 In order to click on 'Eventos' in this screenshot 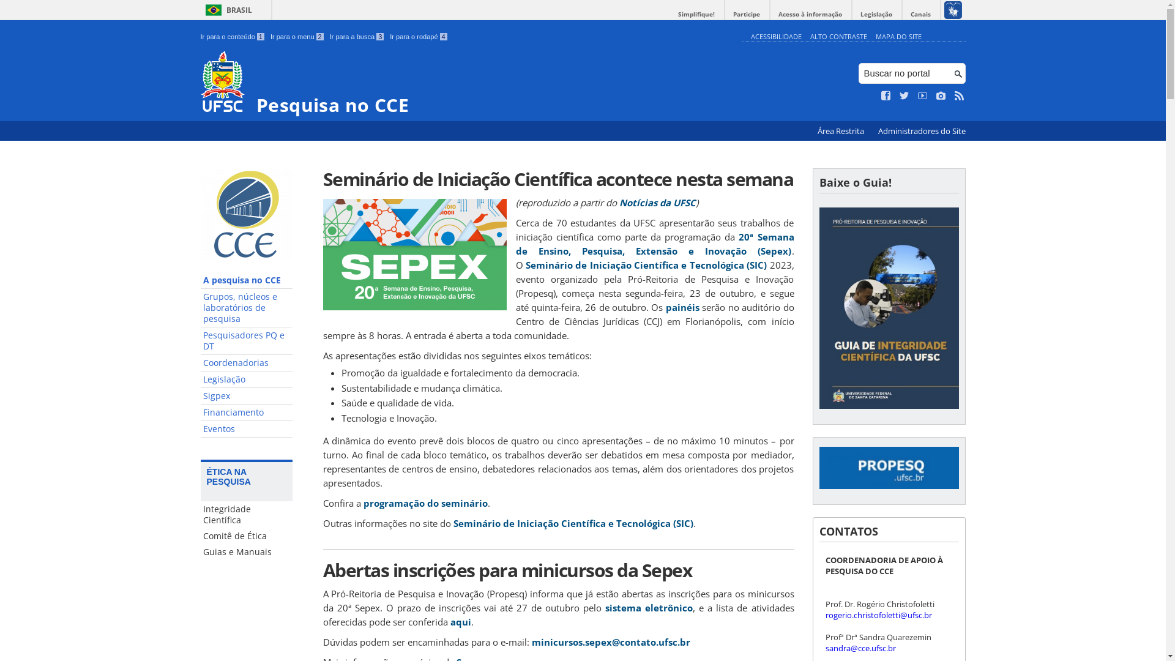, I will do `click(246, 428)`.